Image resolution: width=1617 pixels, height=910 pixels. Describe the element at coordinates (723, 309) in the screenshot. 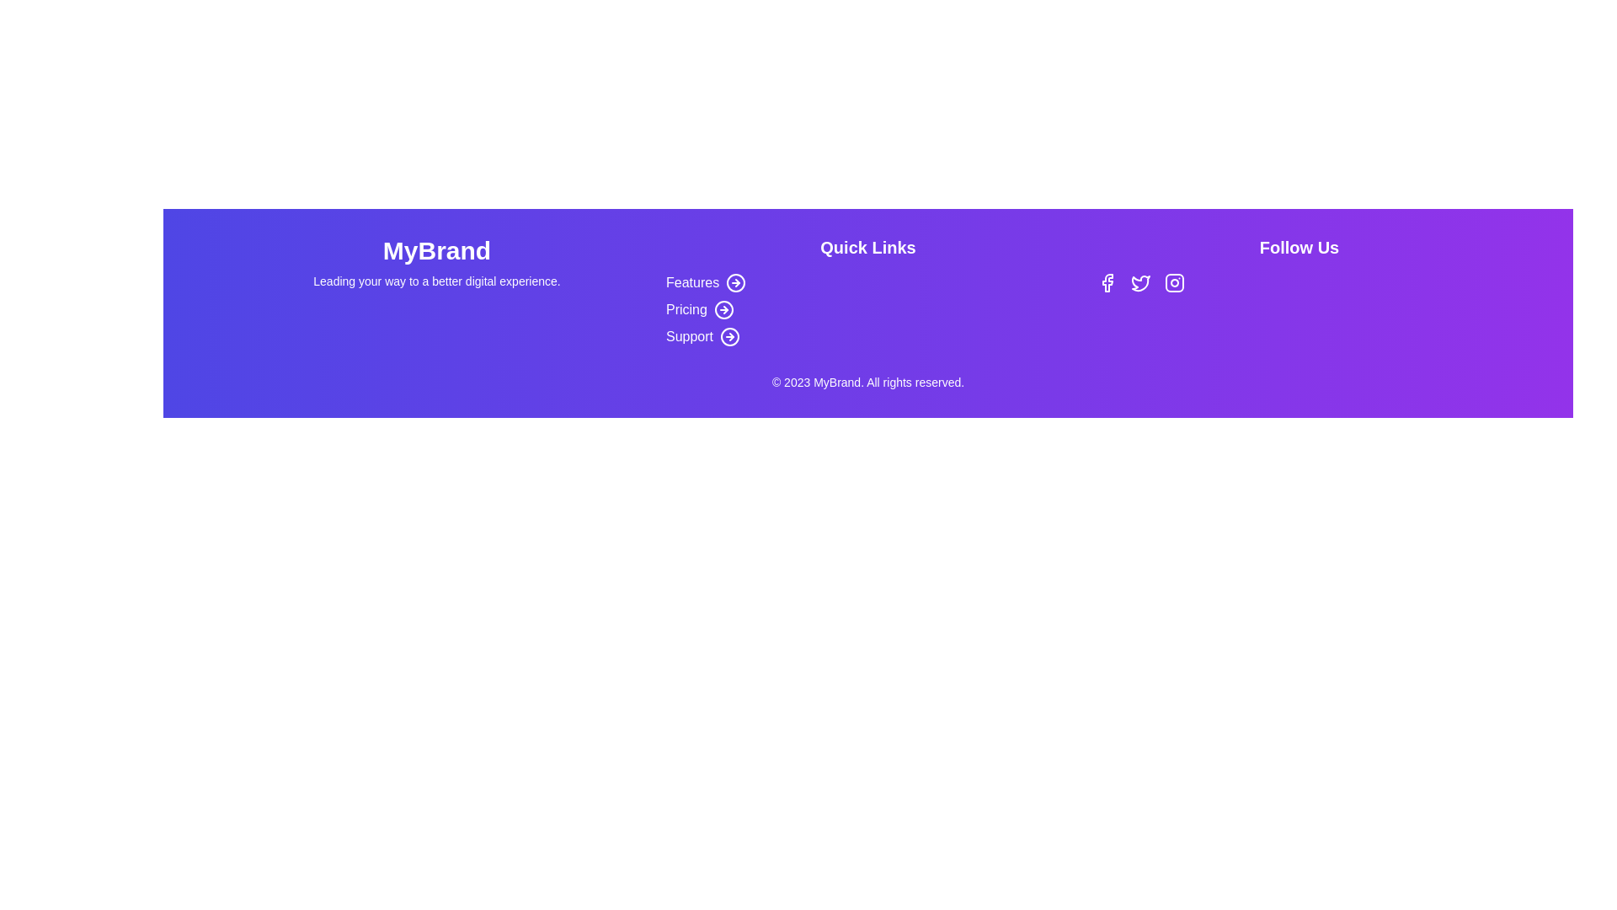

I see `the decorative navigational icon located to the right of the 'Pricing' text in the 'Quick Links' section` at that location.